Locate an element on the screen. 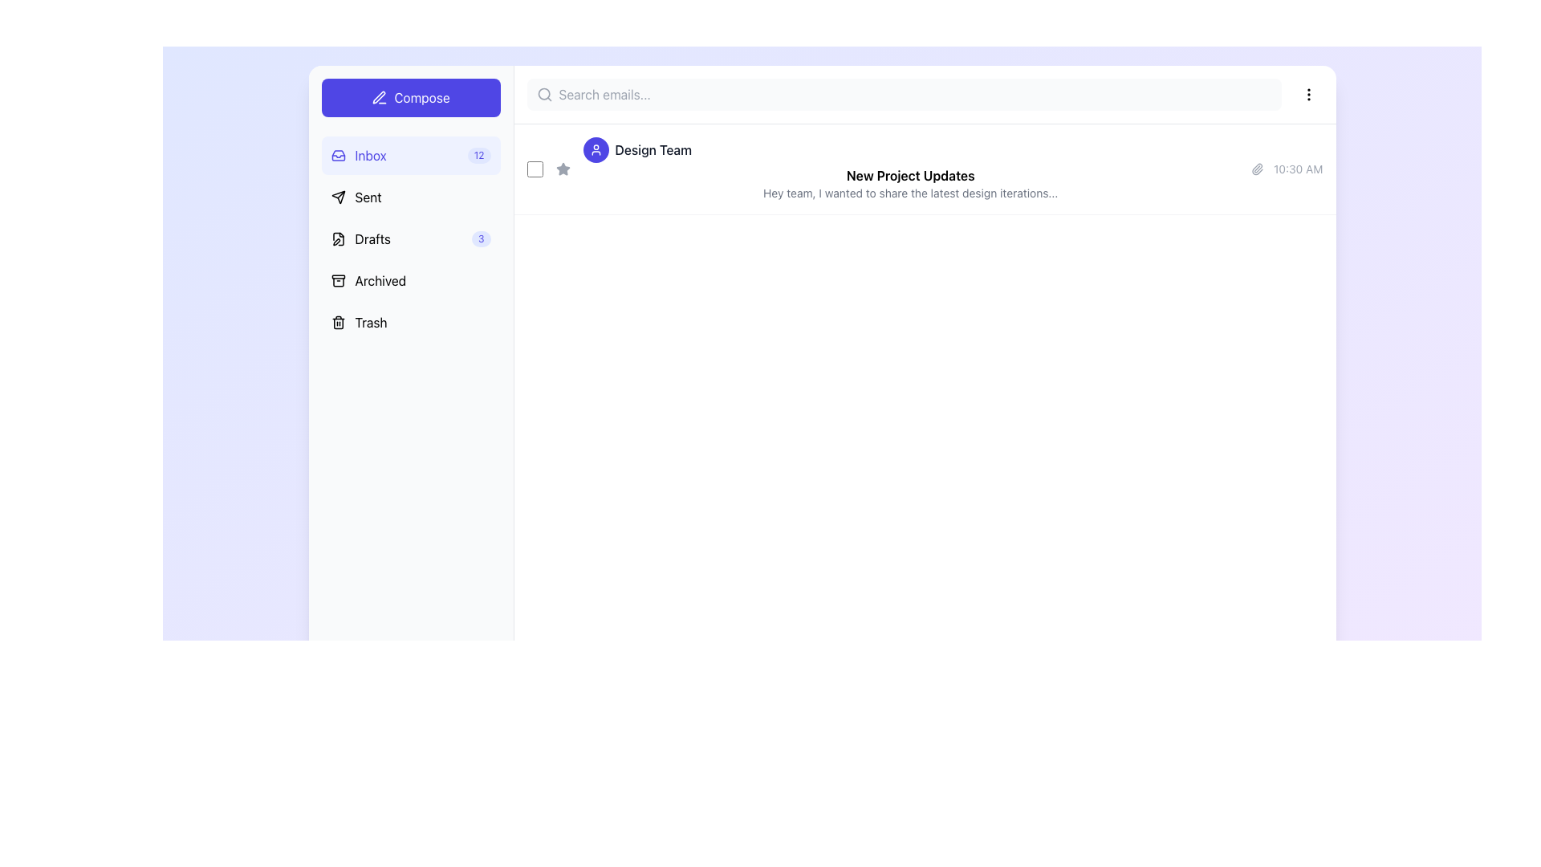 Image resolution: width=1541 pixels, height=867 pixels. the text-based content area that provides a summary preview of a message or notification from the 'Design Team' is located at coordinates (910, 169).